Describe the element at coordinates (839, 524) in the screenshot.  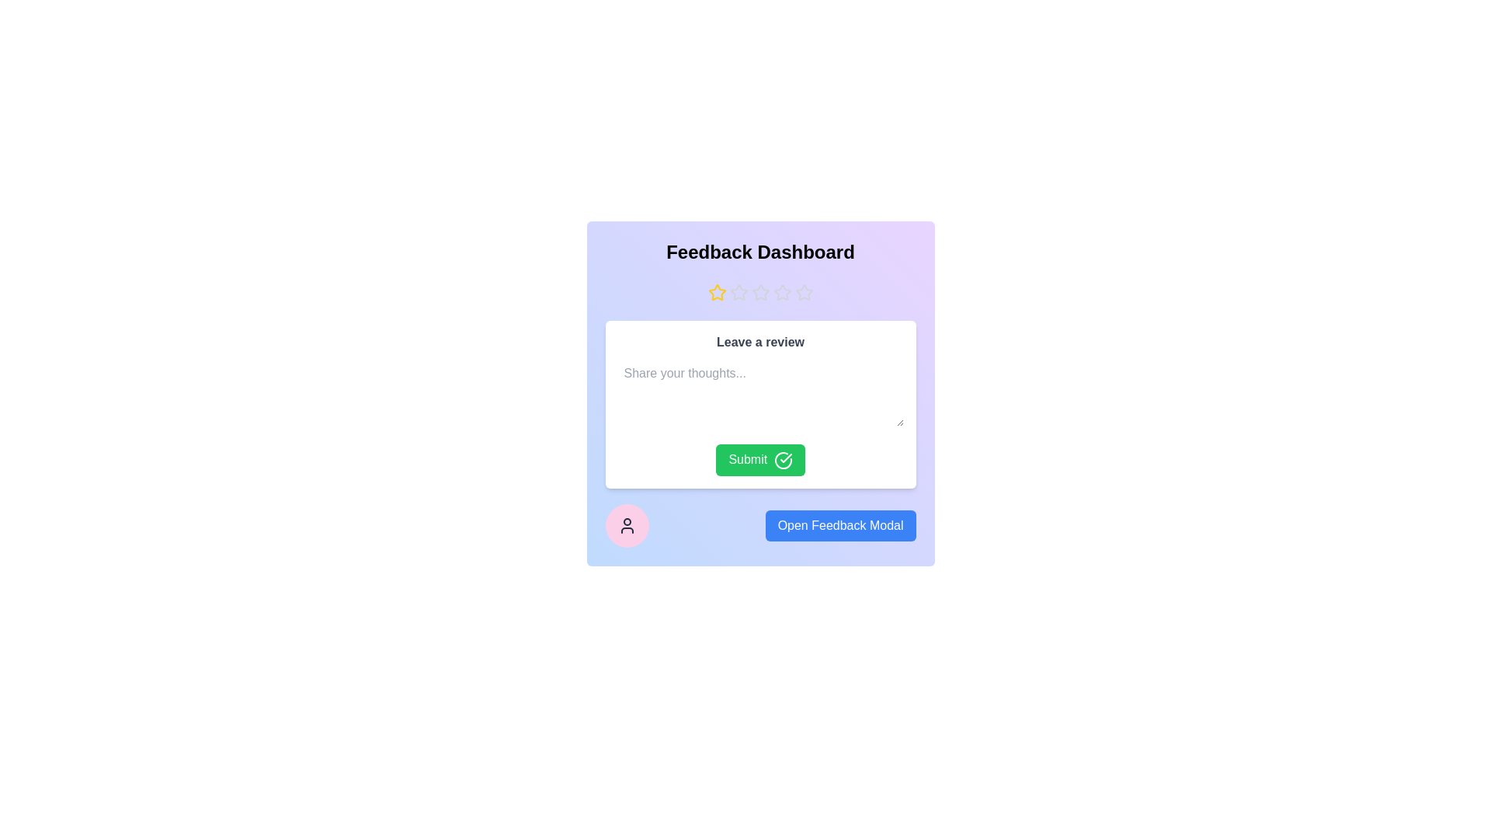
I see `the button with a blue background labeled 'Open Feedback Modal'` at that location.